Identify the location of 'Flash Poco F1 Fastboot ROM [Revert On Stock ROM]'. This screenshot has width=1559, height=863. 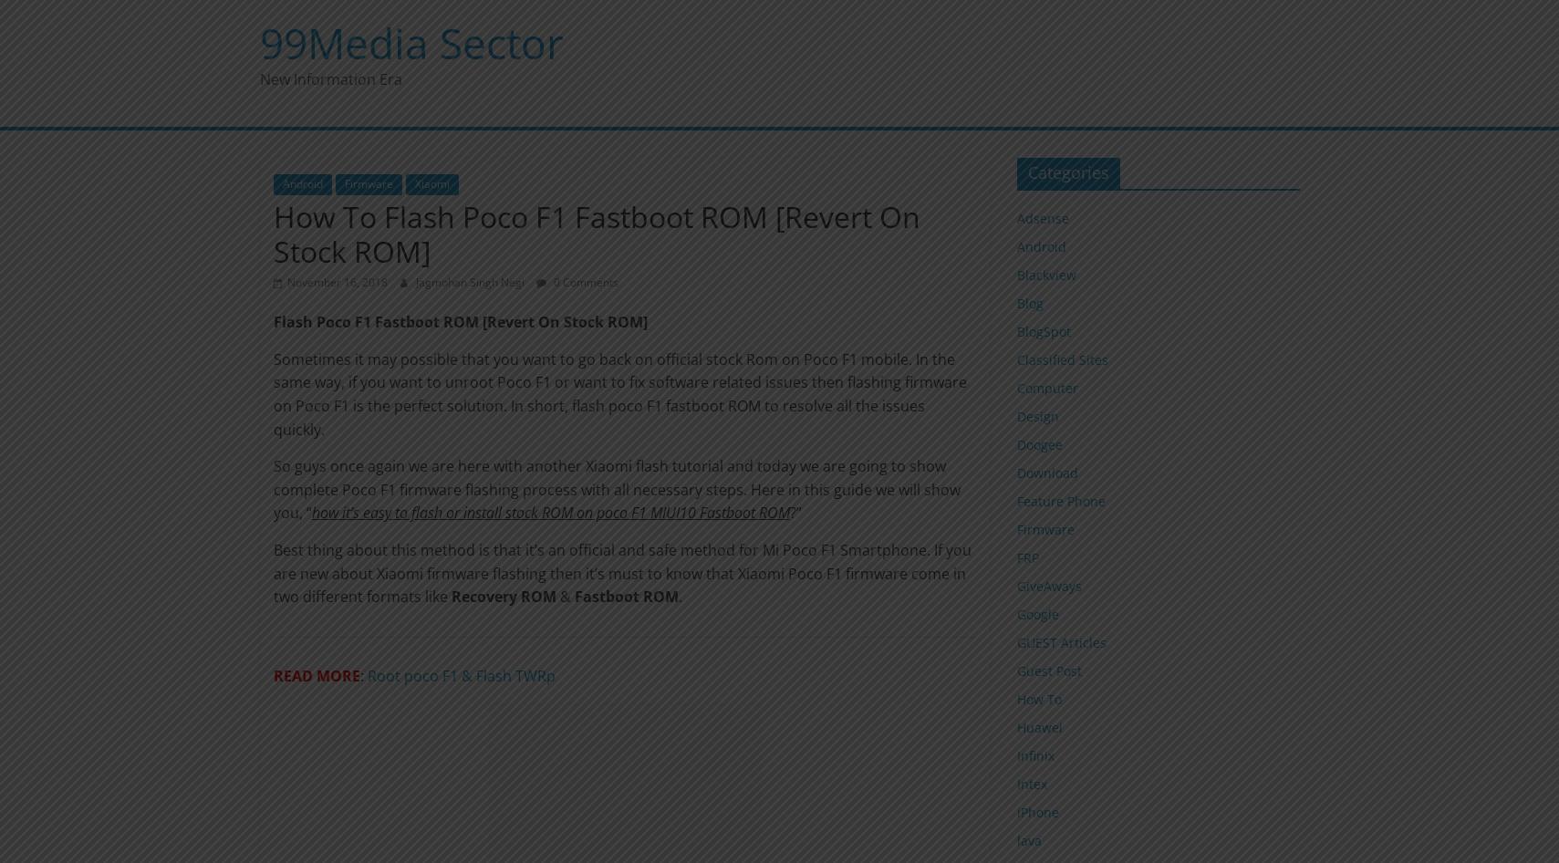
(458, 322).